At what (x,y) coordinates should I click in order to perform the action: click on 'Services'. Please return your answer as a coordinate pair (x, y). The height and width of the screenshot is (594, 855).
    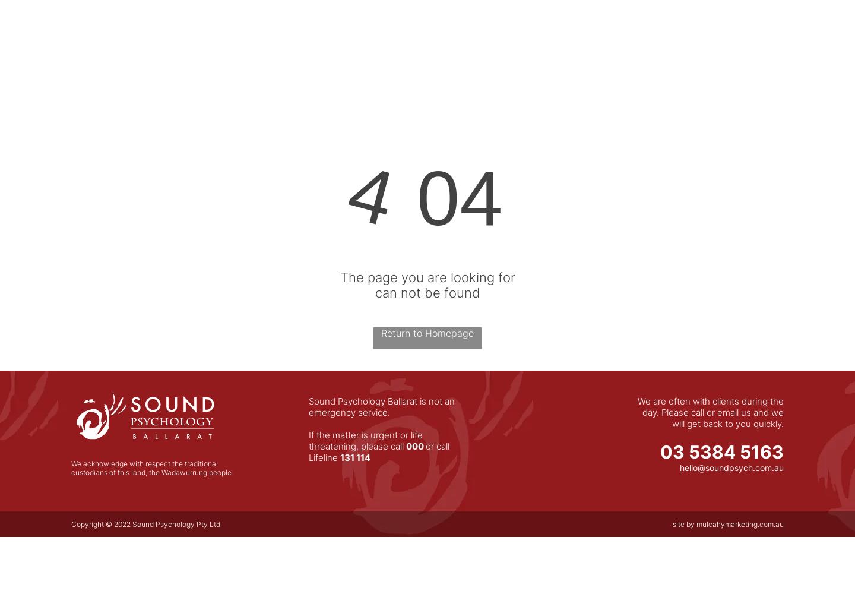
    Looking at the image, I should click on (527, 31).